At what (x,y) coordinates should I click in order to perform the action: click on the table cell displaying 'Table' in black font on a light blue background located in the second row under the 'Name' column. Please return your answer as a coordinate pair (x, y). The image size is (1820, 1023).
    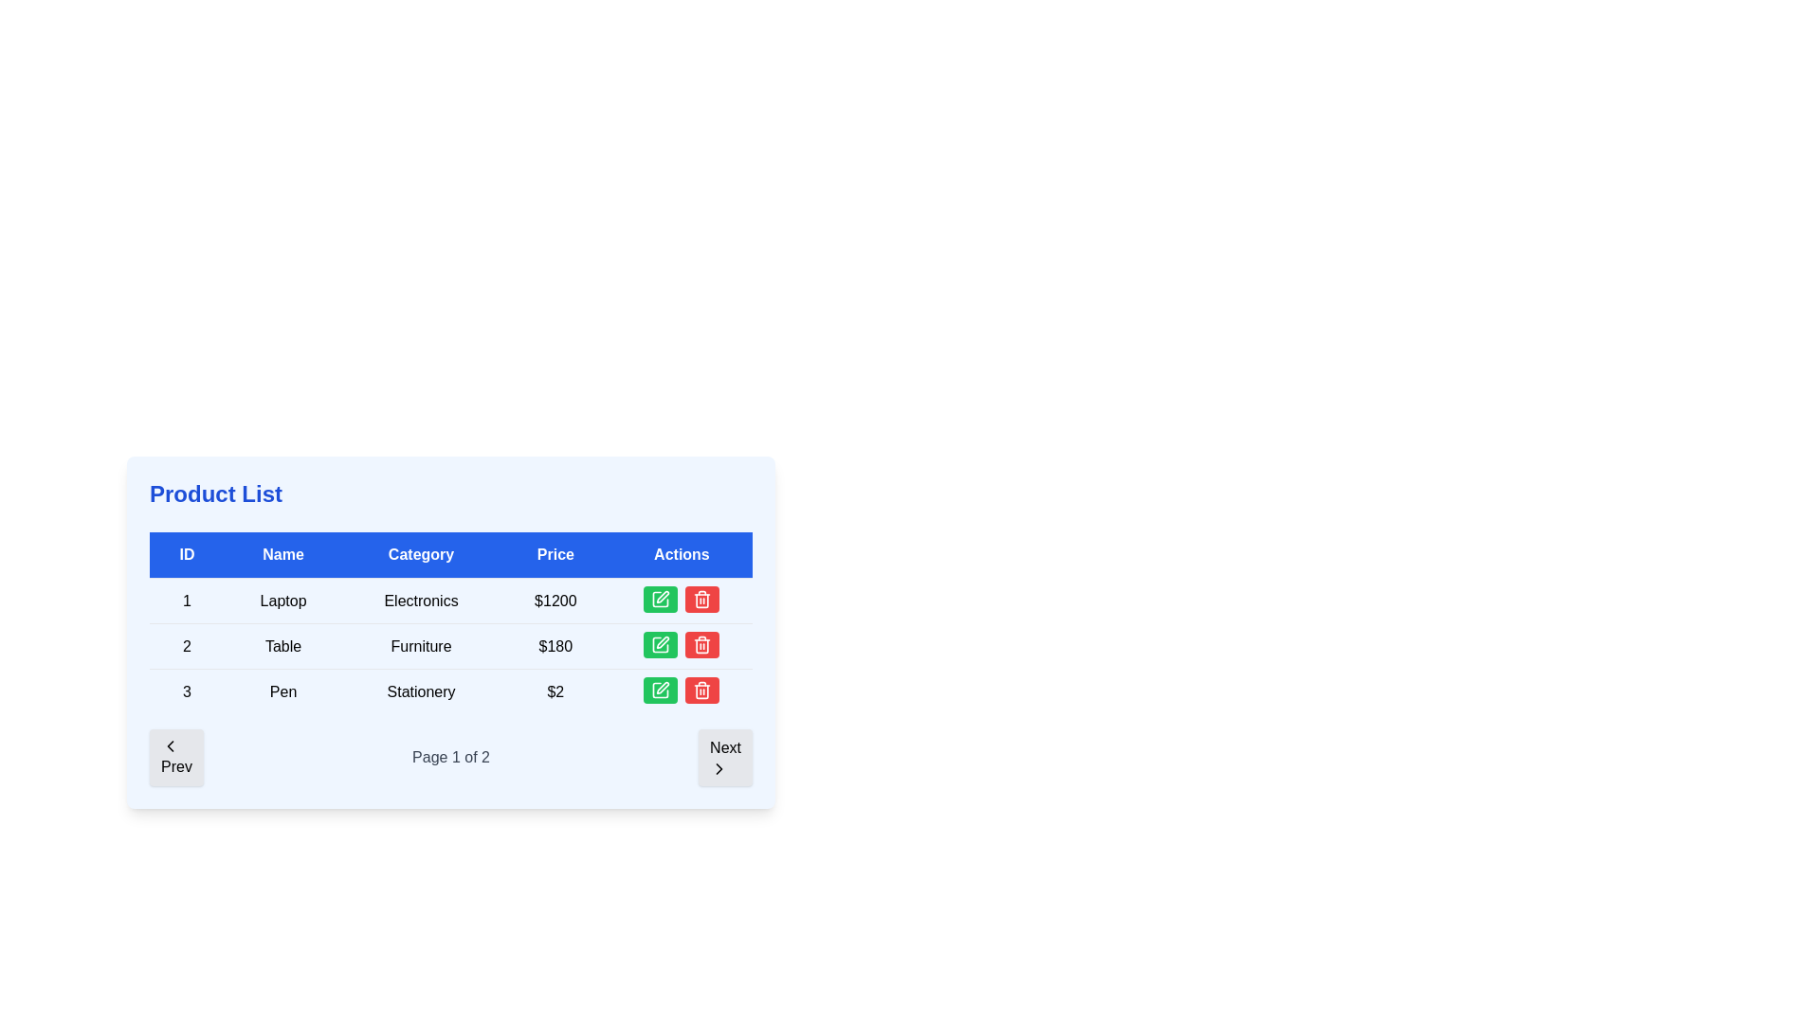
    Looking at the image, I should click on (282, 645).